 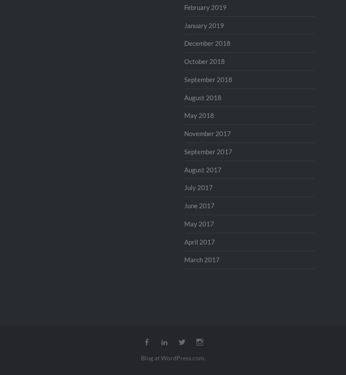 What do you see at coordinates (184, 223) in the screenshot?
I see `'May 2017'` at bounding box center [184, 223].